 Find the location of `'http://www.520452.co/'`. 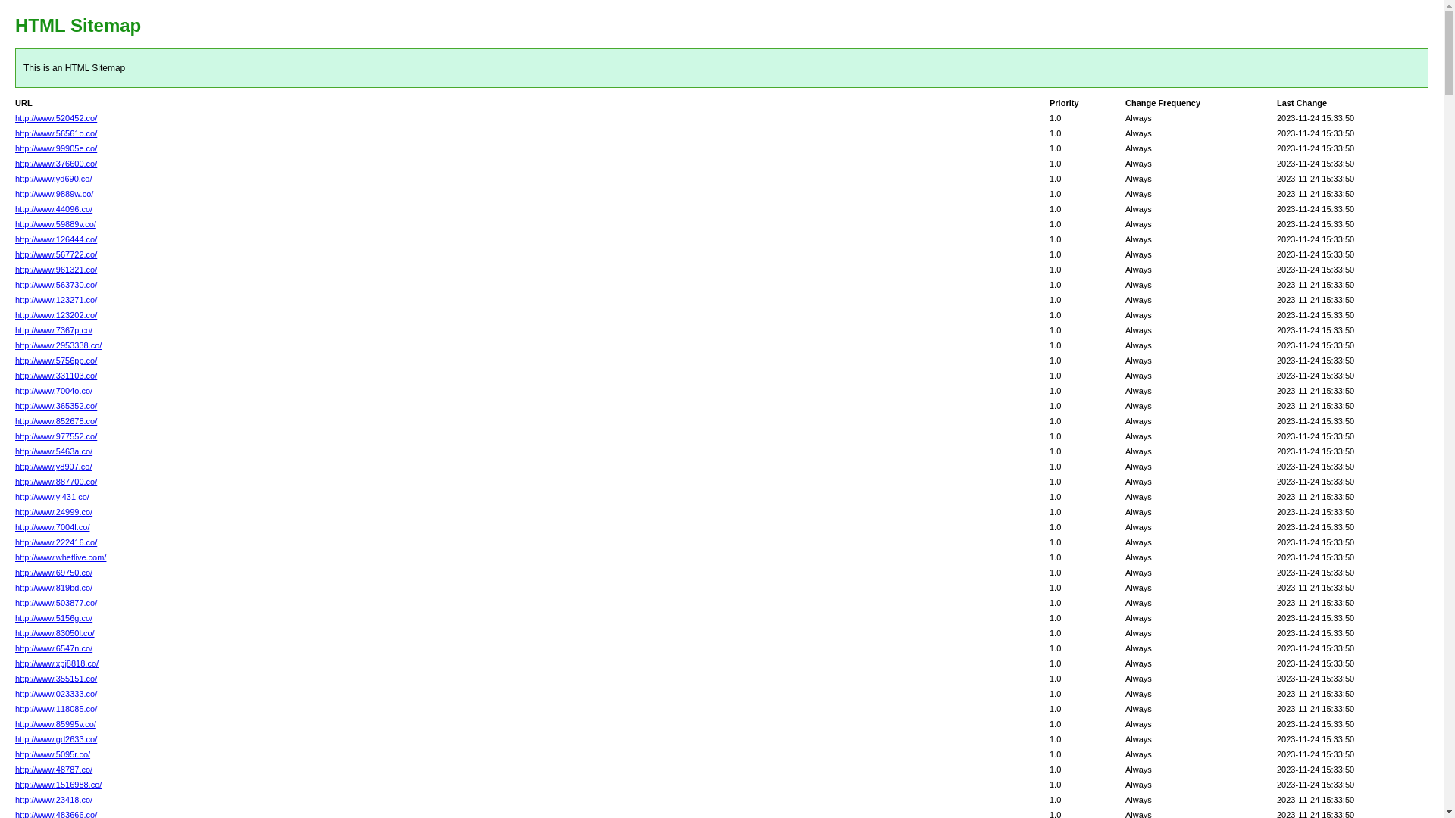

'http://www.520452.co/' is located at coordinates (55, 117).